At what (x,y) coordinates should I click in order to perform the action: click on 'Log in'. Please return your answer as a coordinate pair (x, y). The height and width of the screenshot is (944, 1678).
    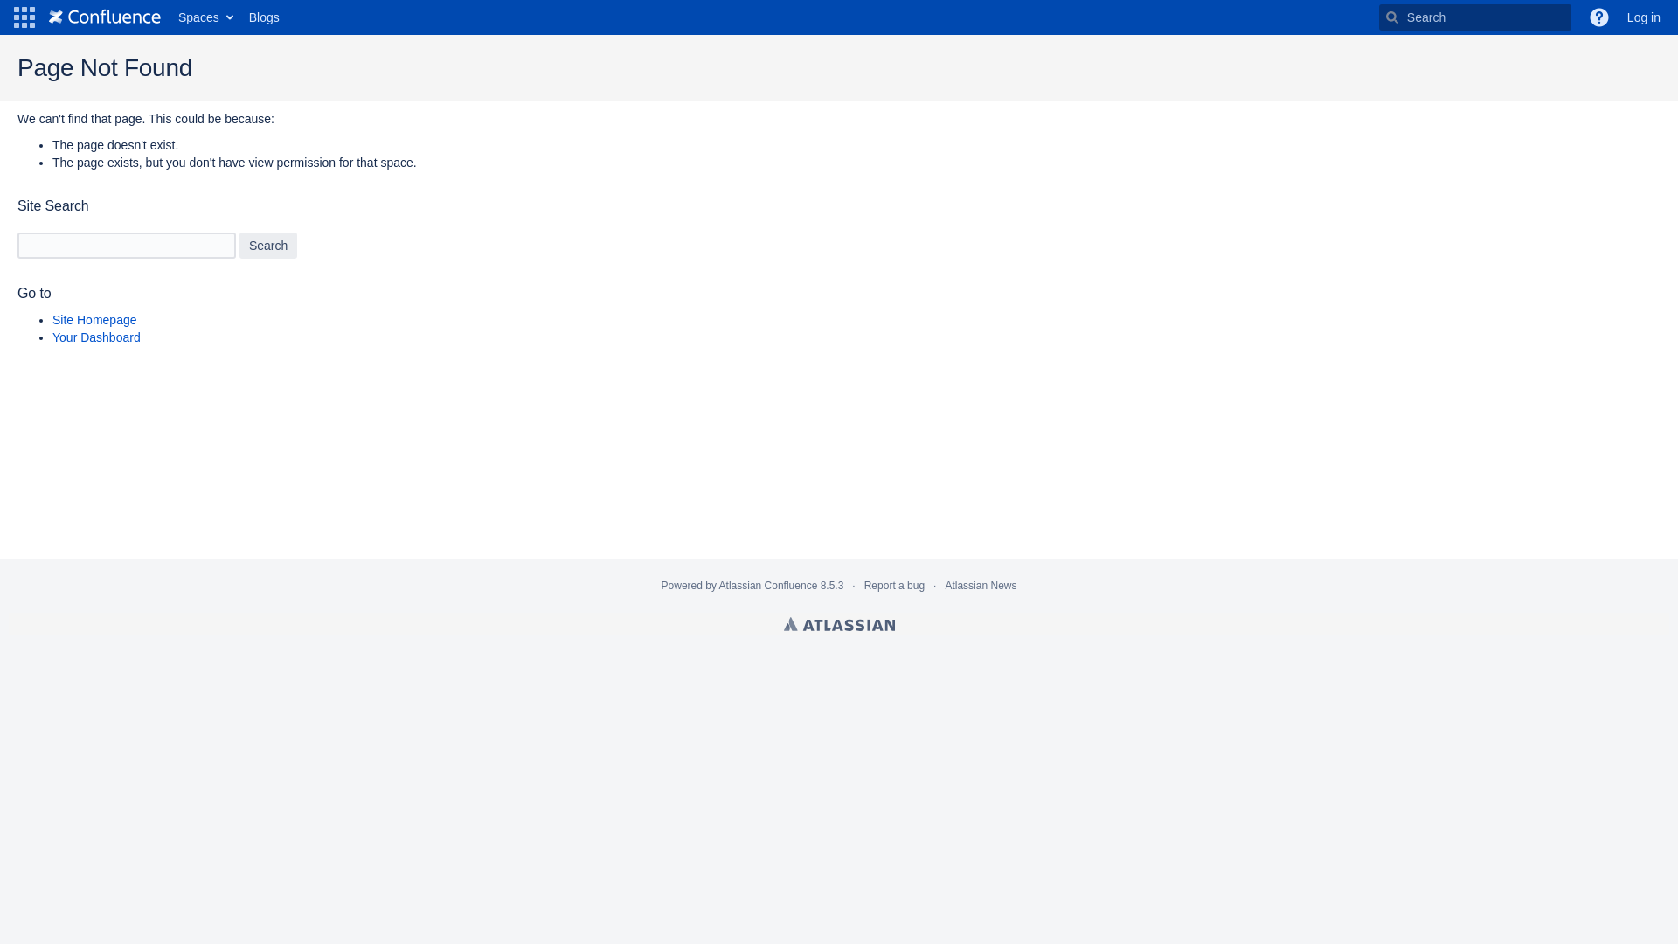
    Looking at the image, I should click on (1643, 17).